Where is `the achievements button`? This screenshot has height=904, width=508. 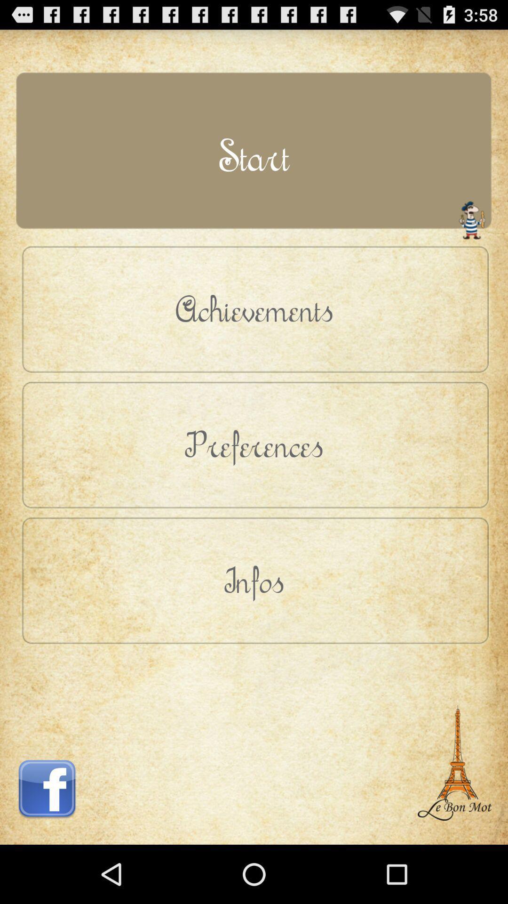 the achievements button is located at coordinates (254, 309).